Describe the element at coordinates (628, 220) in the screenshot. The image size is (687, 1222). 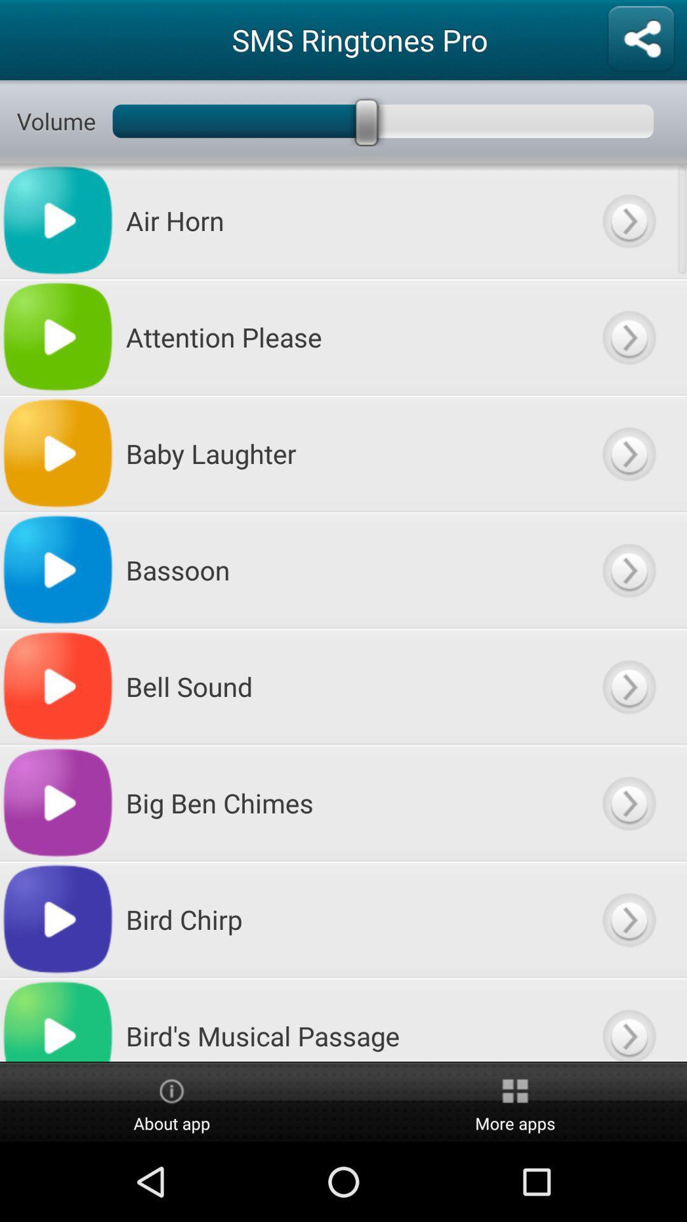
I see `see more options about this ringtone` at that location.